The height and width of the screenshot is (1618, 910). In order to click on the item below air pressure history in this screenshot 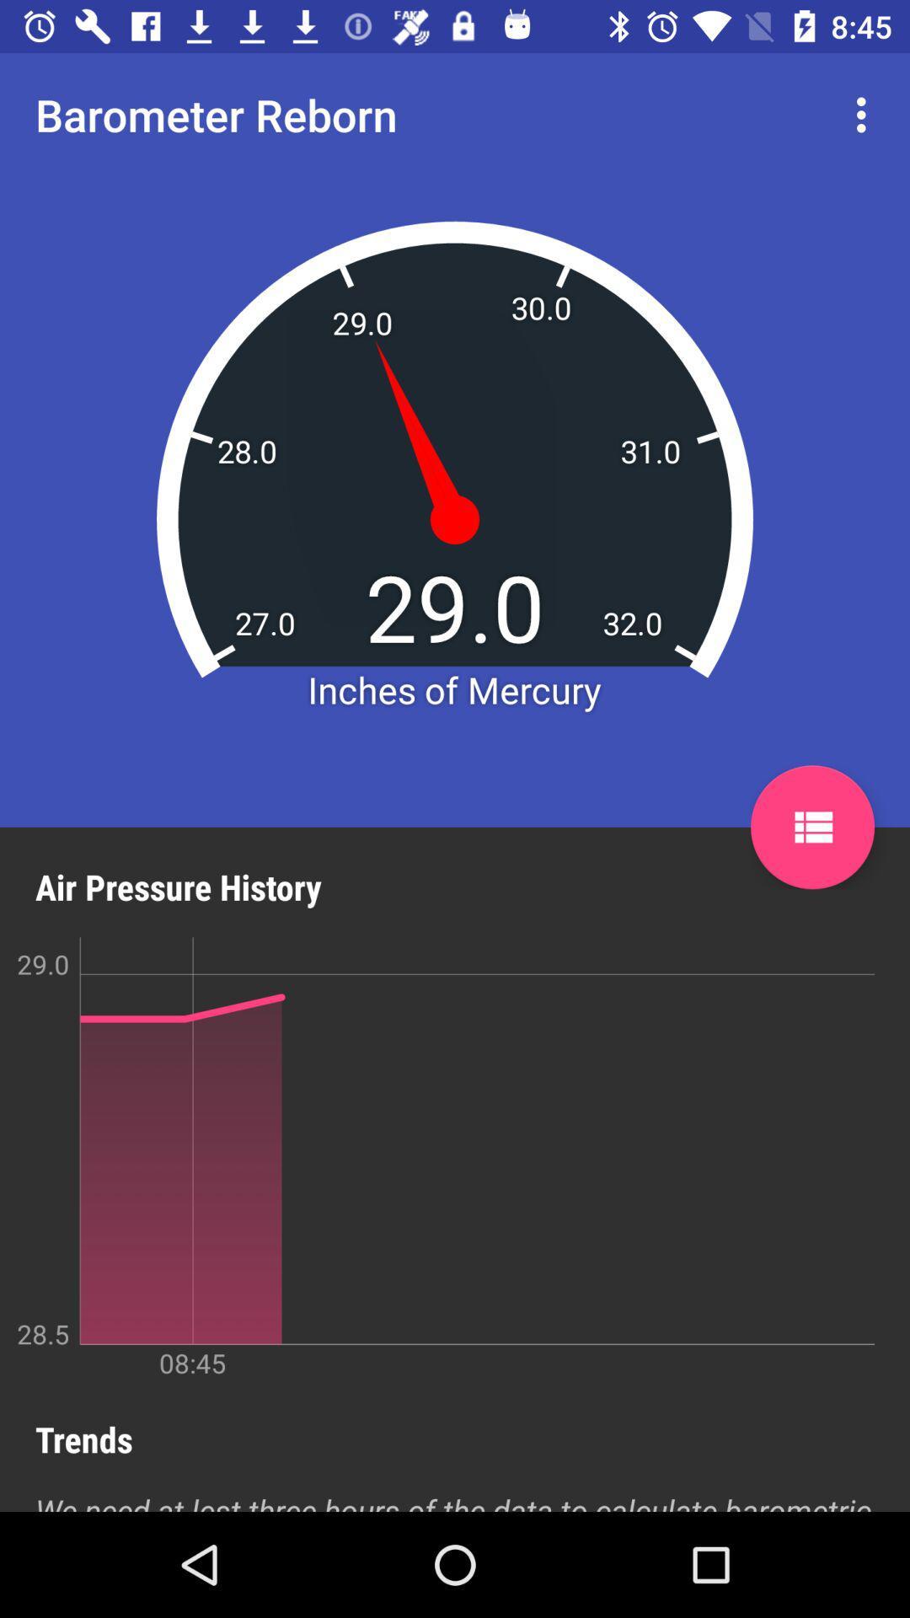, I will do `click(436, 1157)`.